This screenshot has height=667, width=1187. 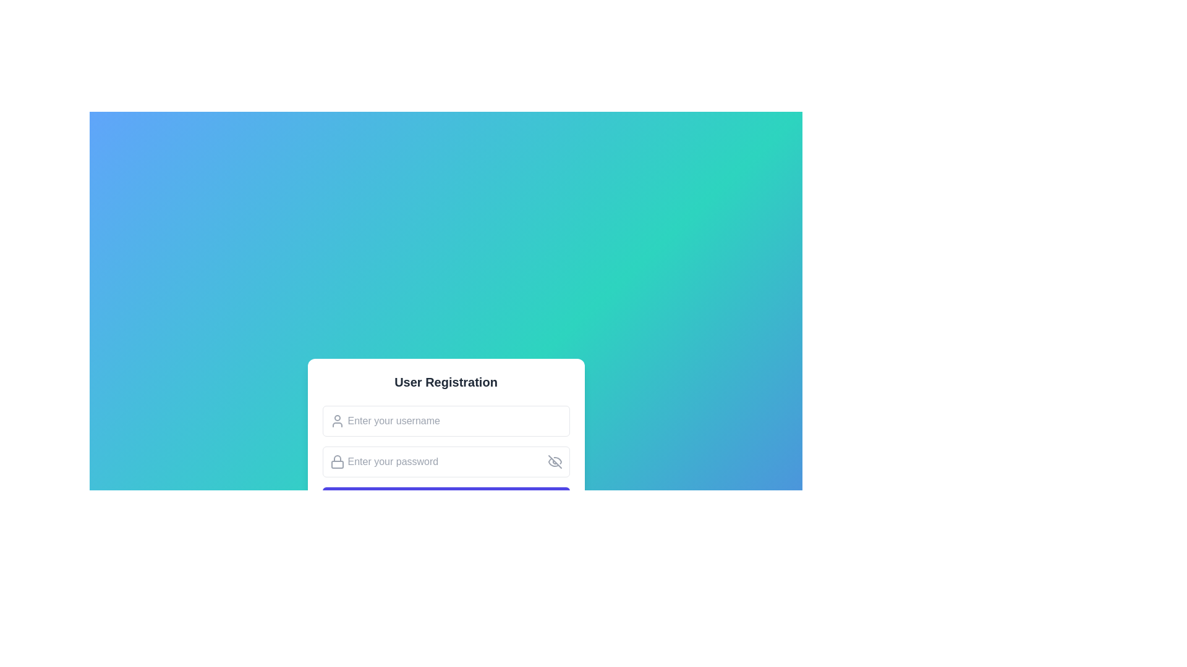 What do you see at coordinates (337, 458) in the screenshot?
I see `the shackle icon of the lock, which is part of the SVG icon to the left of the 'Enter your password' field in the user registration form` at bounding box center [337, 458].